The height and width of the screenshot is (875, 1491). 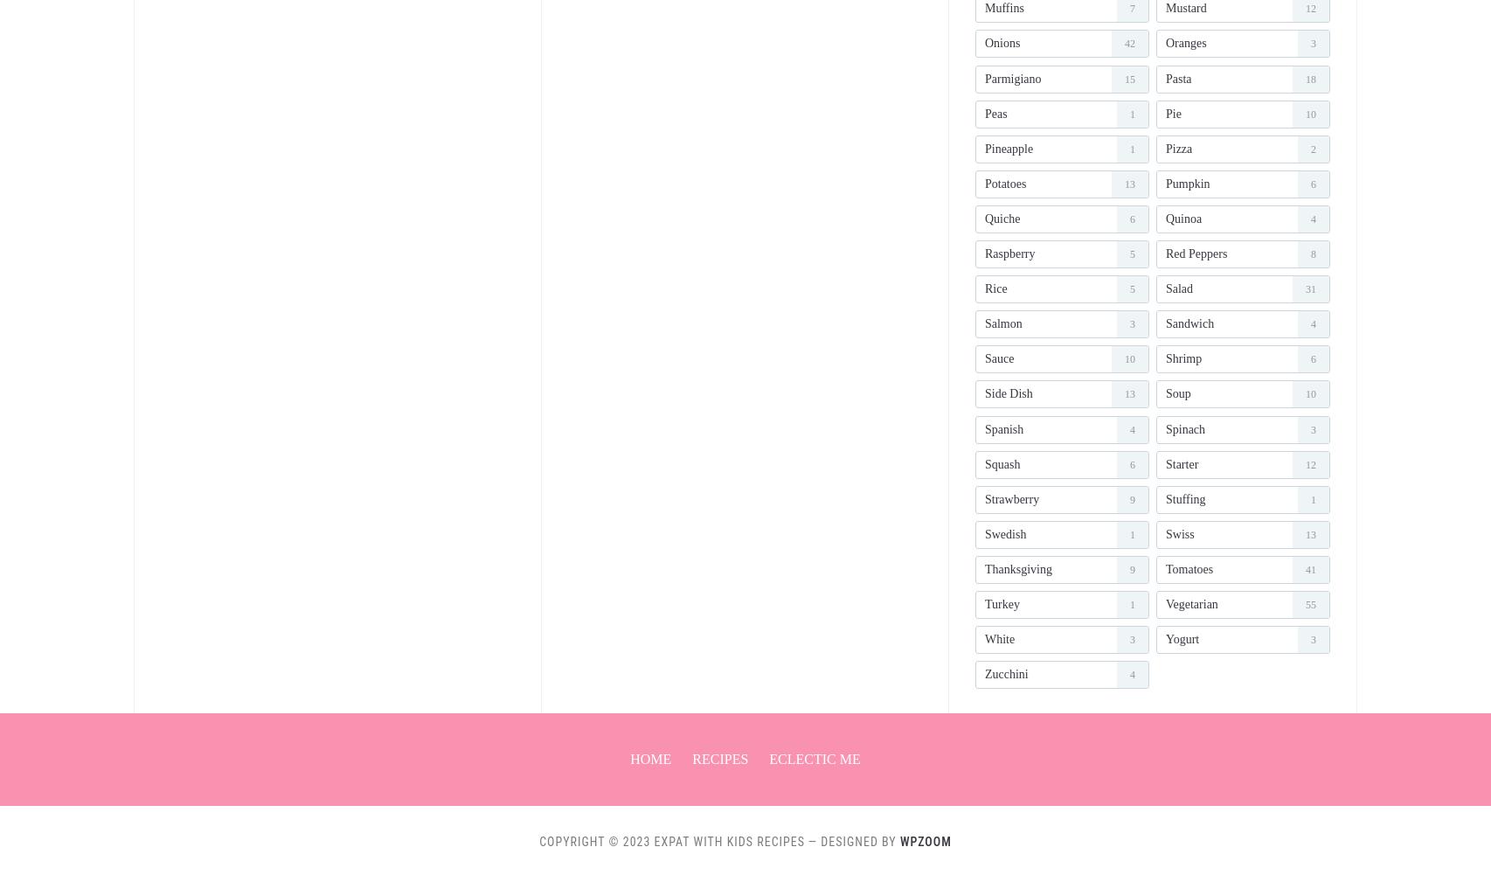 What do you see at coordinates (1127, 44) in the screenshot?
I see `'42'` at bounding box center [1127, 44].